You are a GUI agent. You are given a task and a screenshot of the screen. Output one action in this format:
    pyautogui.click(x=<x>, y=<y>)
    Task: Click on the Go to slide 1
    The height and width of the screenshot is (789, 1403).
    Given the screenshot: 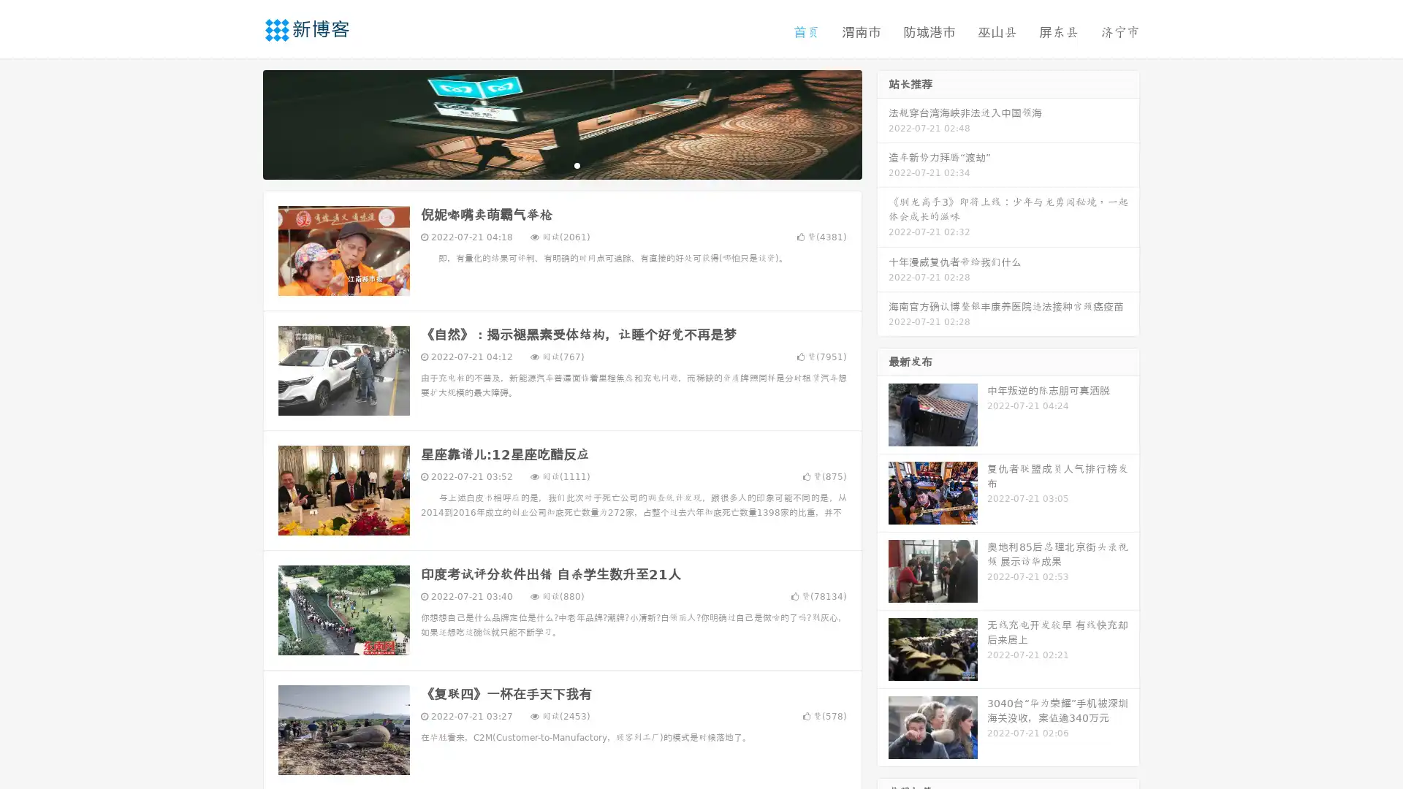 What is the action you would take?
    pyautogui.click(x=547, y=164)
    